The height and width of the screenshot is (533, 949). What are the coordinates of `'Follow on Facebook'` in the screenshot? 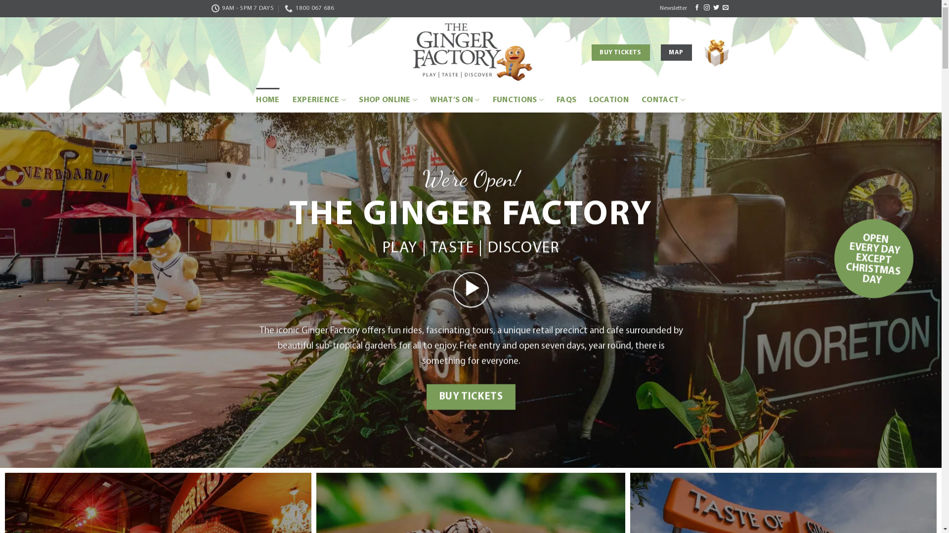 It's located at (696, 7).